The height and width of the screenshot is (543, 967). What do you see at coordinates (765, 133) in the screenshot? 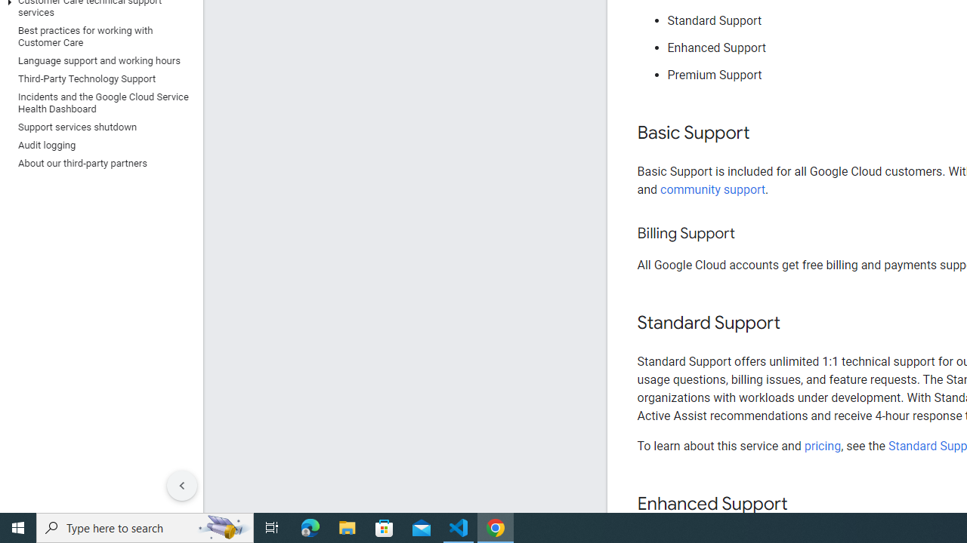
I see `'Copy link to this section: Basic Support'` at bounding box center [765, 133].